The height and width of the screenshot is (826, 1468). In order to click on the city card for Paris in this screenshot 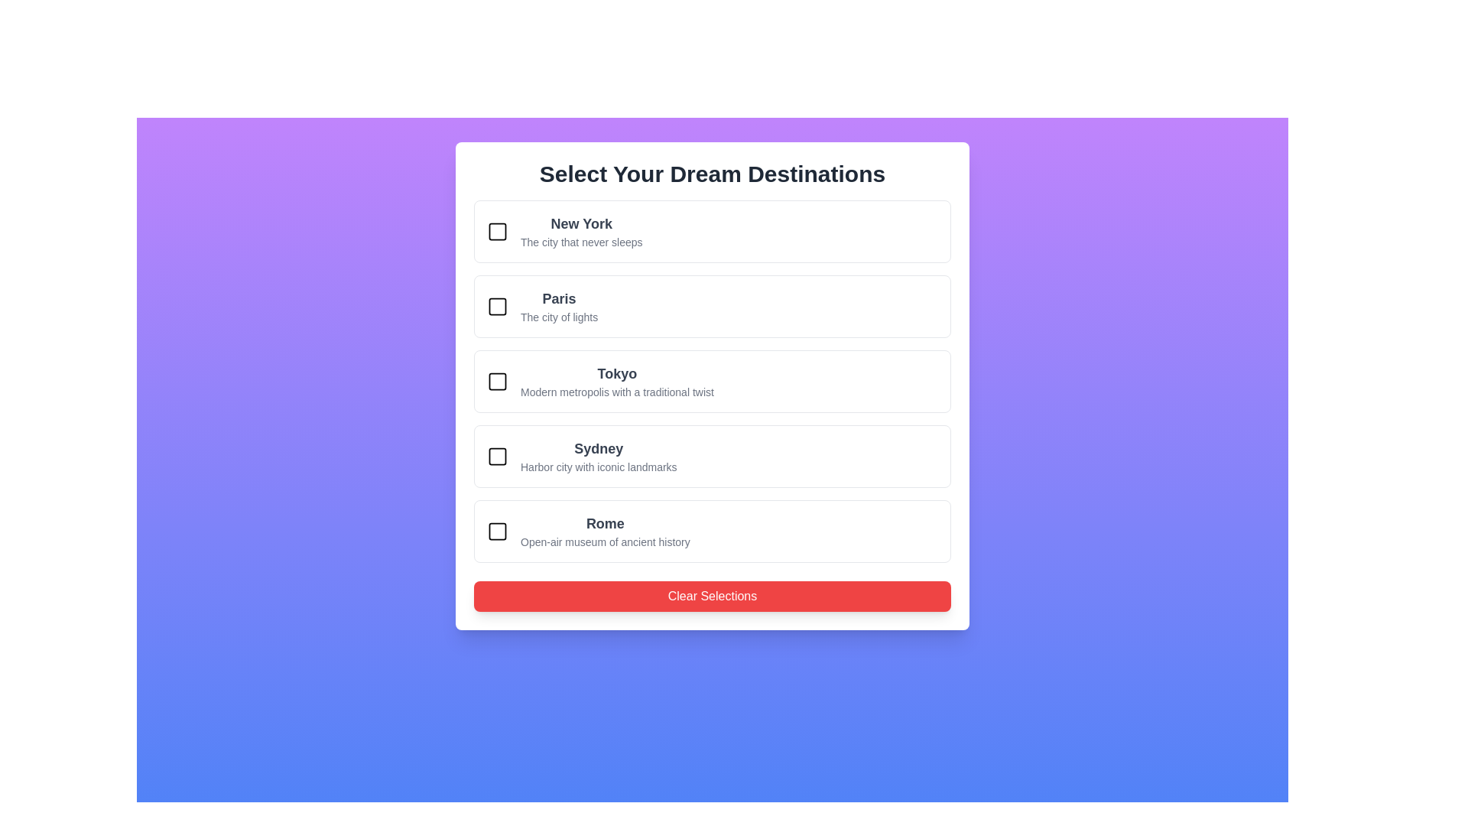, I will do `click(711, 307)`.